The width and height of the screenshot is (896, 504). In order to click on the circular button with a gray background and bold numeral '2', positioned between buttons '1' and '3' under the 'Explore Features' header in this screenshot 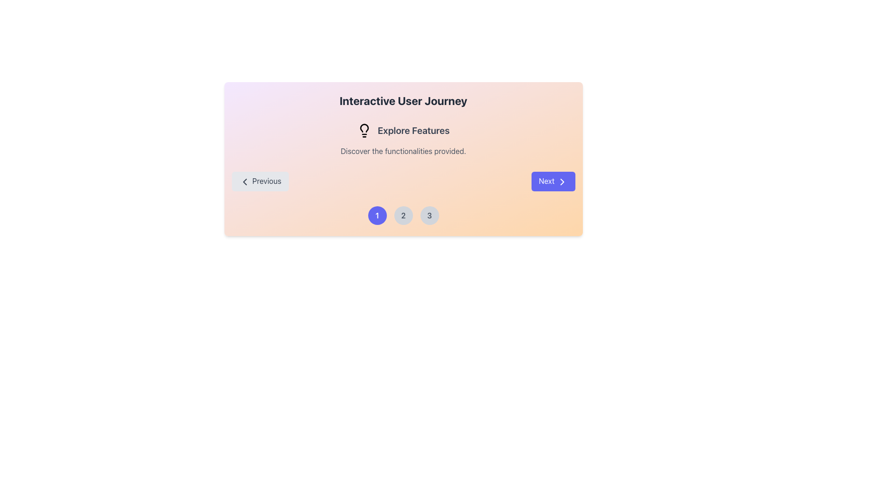, I will do `click(403, 215)`.